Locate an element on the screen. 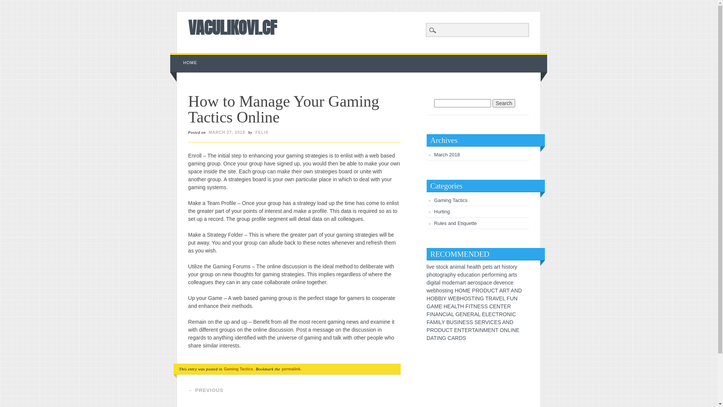 This screenshot has height=407, width=723. 'S' is located at coordinates (471, 322).